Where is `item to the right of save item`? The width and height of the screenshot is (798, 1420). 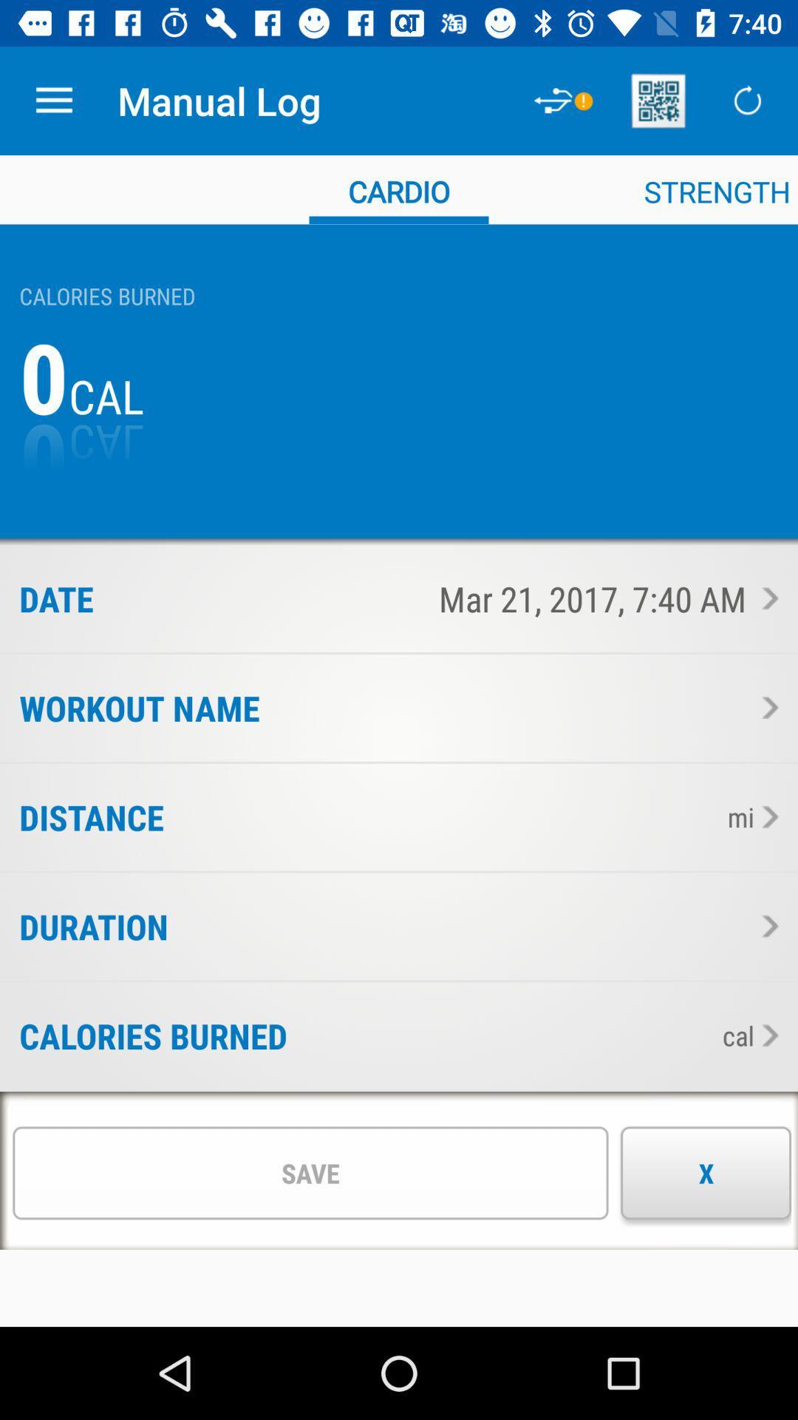 item to the right of save item is located at coordinates (705, 1172).